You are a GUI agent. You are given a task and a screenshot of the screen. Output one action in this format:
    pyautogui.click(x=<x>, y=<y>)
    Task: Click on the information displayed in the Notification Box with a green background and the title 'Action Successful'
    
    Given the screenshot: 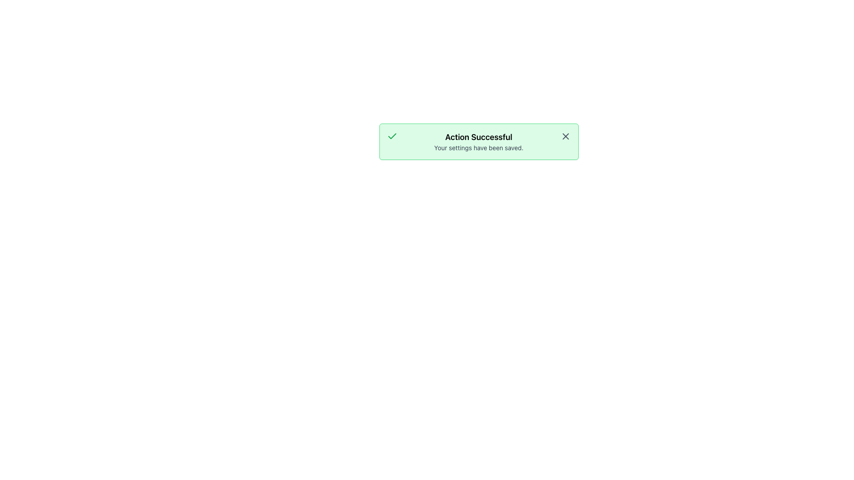 What is the action you would take?
    pyautogui.click(x=478, y=141)
    